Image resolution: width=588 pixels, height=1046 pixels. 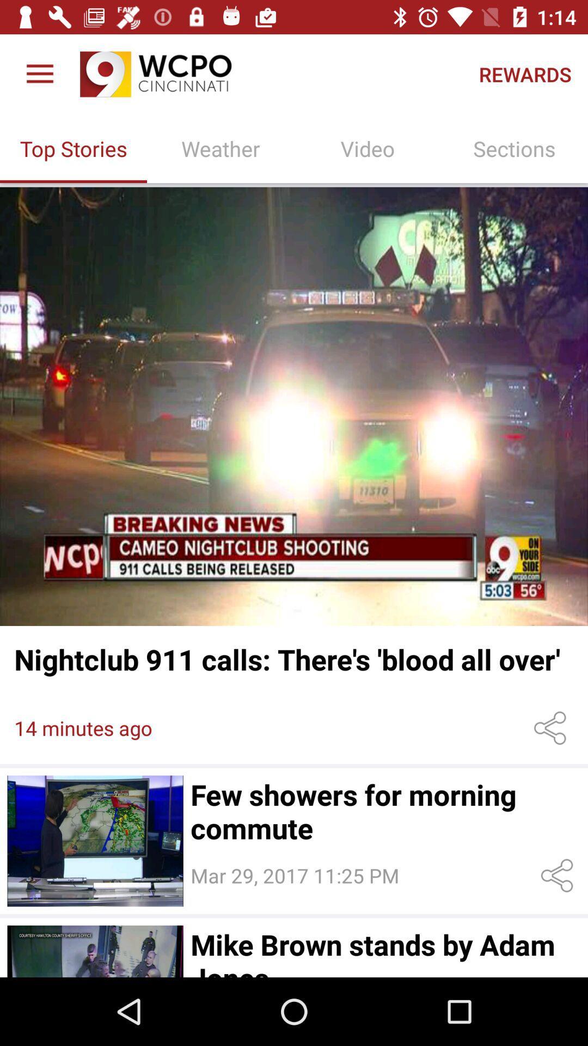 I want to click on share this, so click(x=559, y=875).